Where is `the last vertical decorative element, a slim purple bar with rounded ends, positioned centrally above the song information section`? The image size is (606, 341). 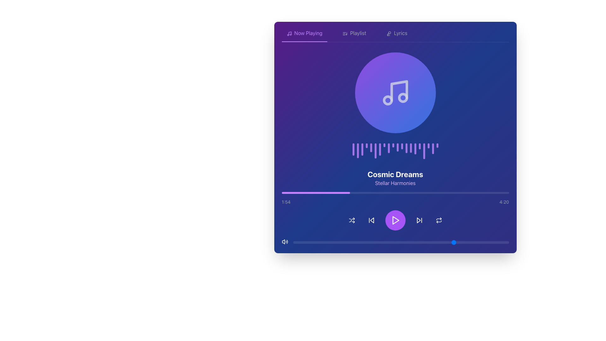
the last vertical decorative element, a slim purple bar with rounded ends, positioned centrally above the song information section is located at coordinates (437, 146).